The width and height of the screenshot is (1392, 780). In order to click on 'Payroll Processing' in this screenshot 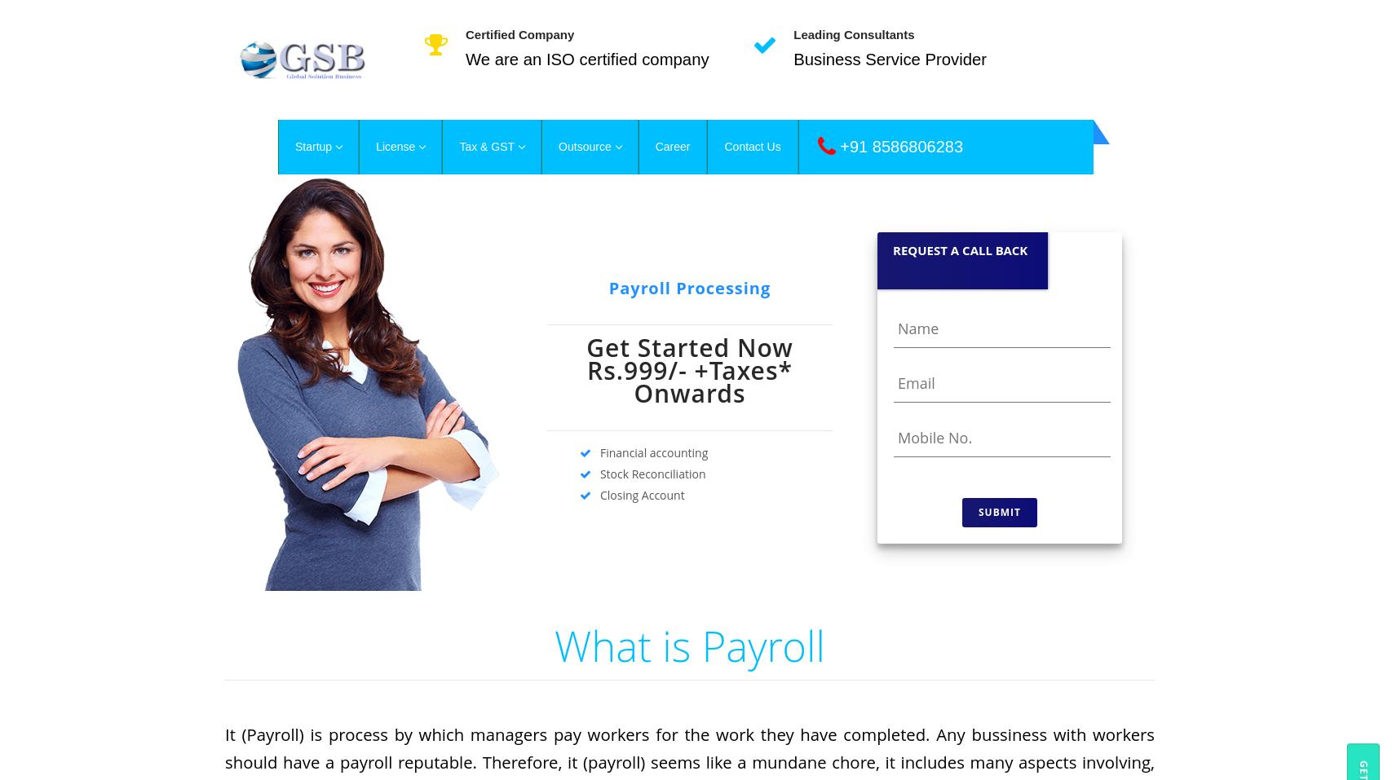, I will do `click(689, 287)`.